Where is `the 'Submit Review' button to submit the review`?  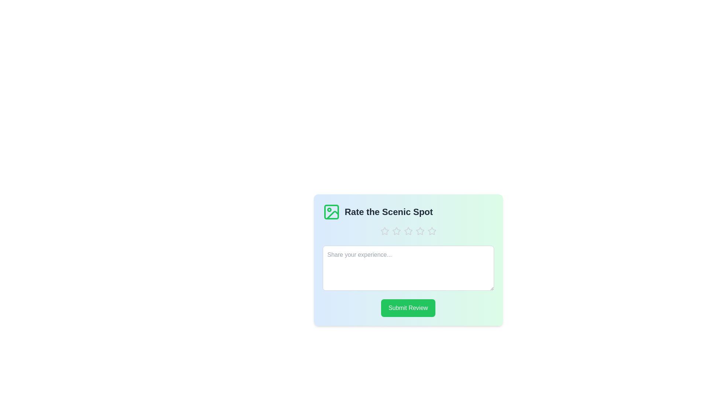 the 'Submit Review' button to submit the review is located at coordinates (408, 308).